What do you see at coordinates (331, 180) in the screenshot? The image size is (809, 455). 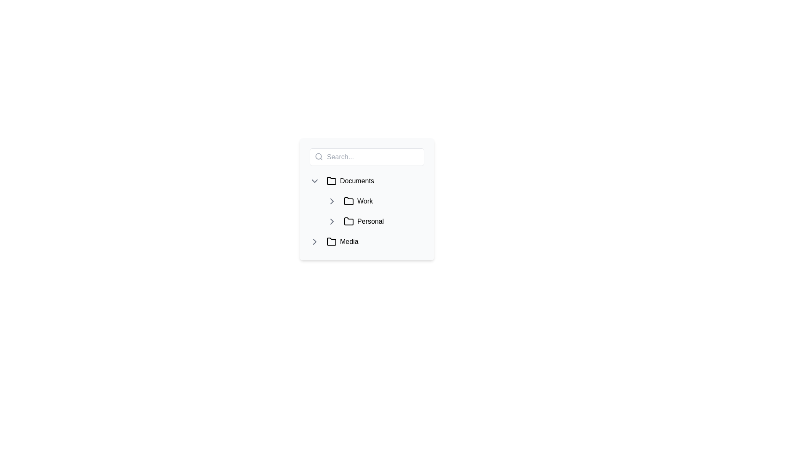 I see `the 'Documents' folder icon in the navigation list, which is the first item above 'Work' and 'Personal'` at bounding box center [331, 180].